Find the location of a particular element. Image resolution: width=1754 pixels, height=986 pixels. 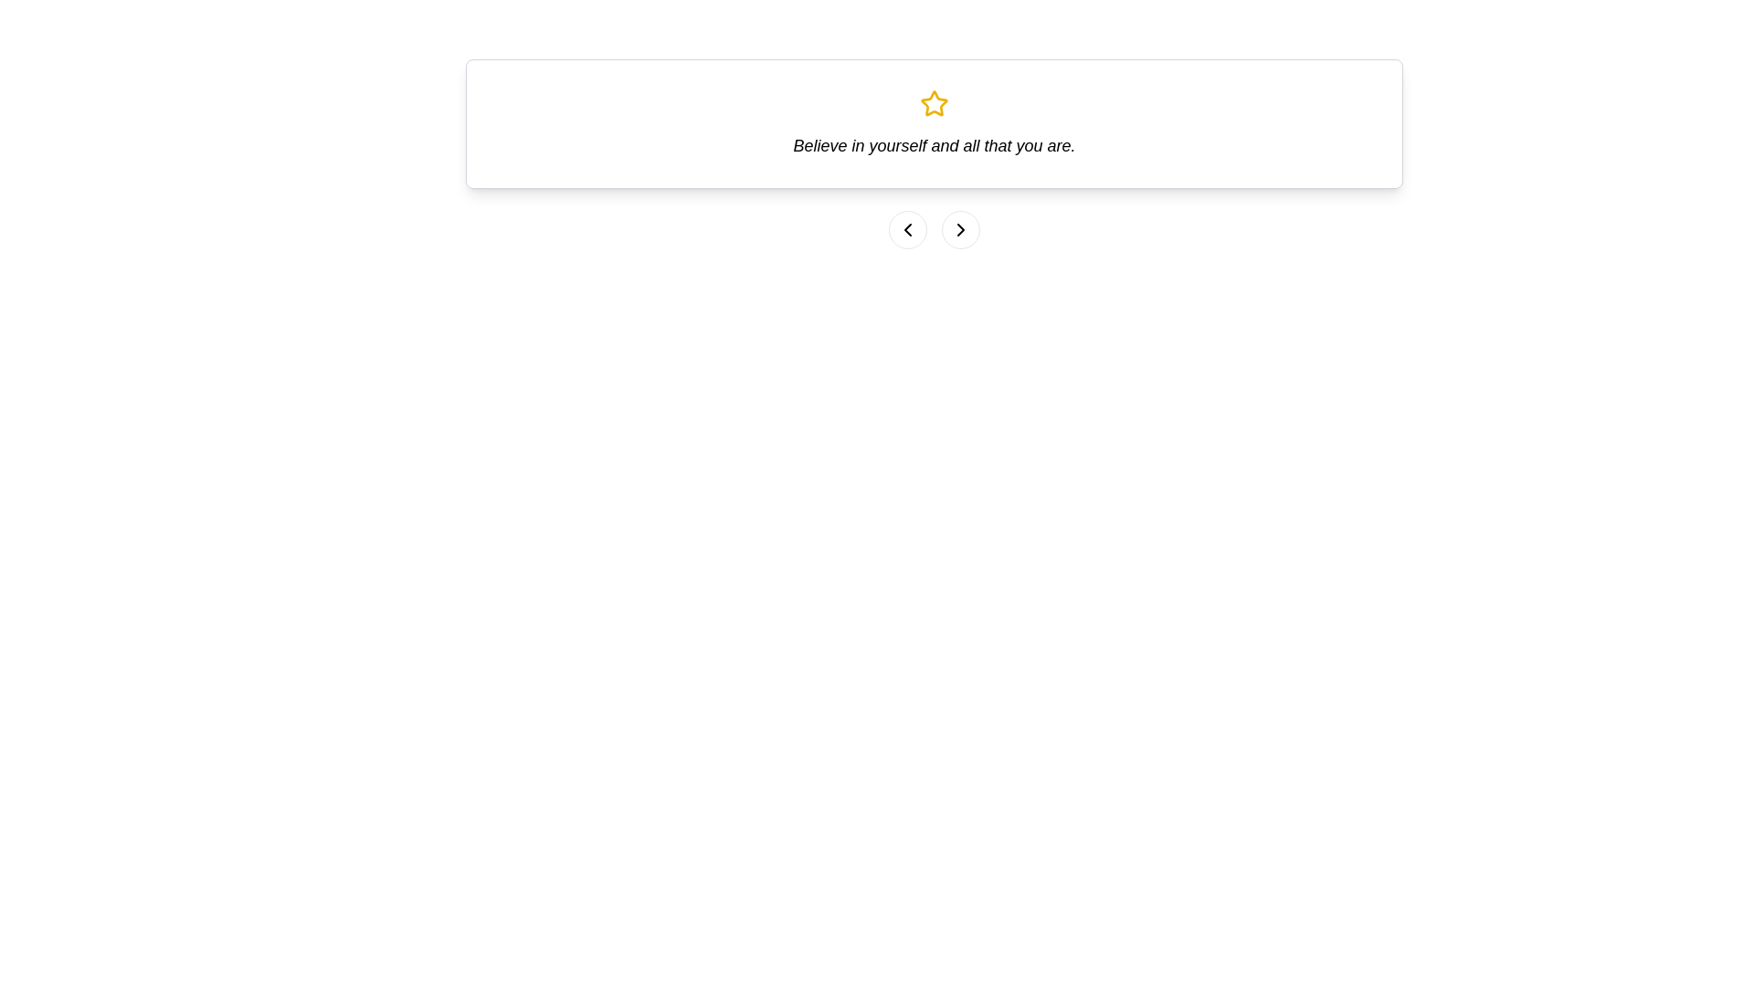

the right arrow icon located within the rightmost circular button in a row of two buttons, positioned below a motivational text block and a star icon is located at coordinates (959, 228).